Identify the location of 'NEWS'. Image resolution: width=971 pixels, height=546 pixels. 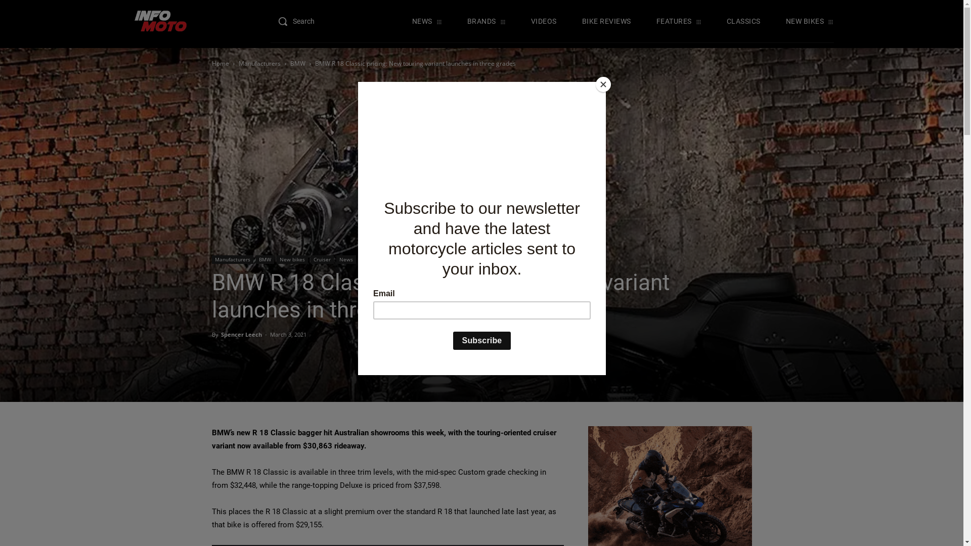
(427, 21).